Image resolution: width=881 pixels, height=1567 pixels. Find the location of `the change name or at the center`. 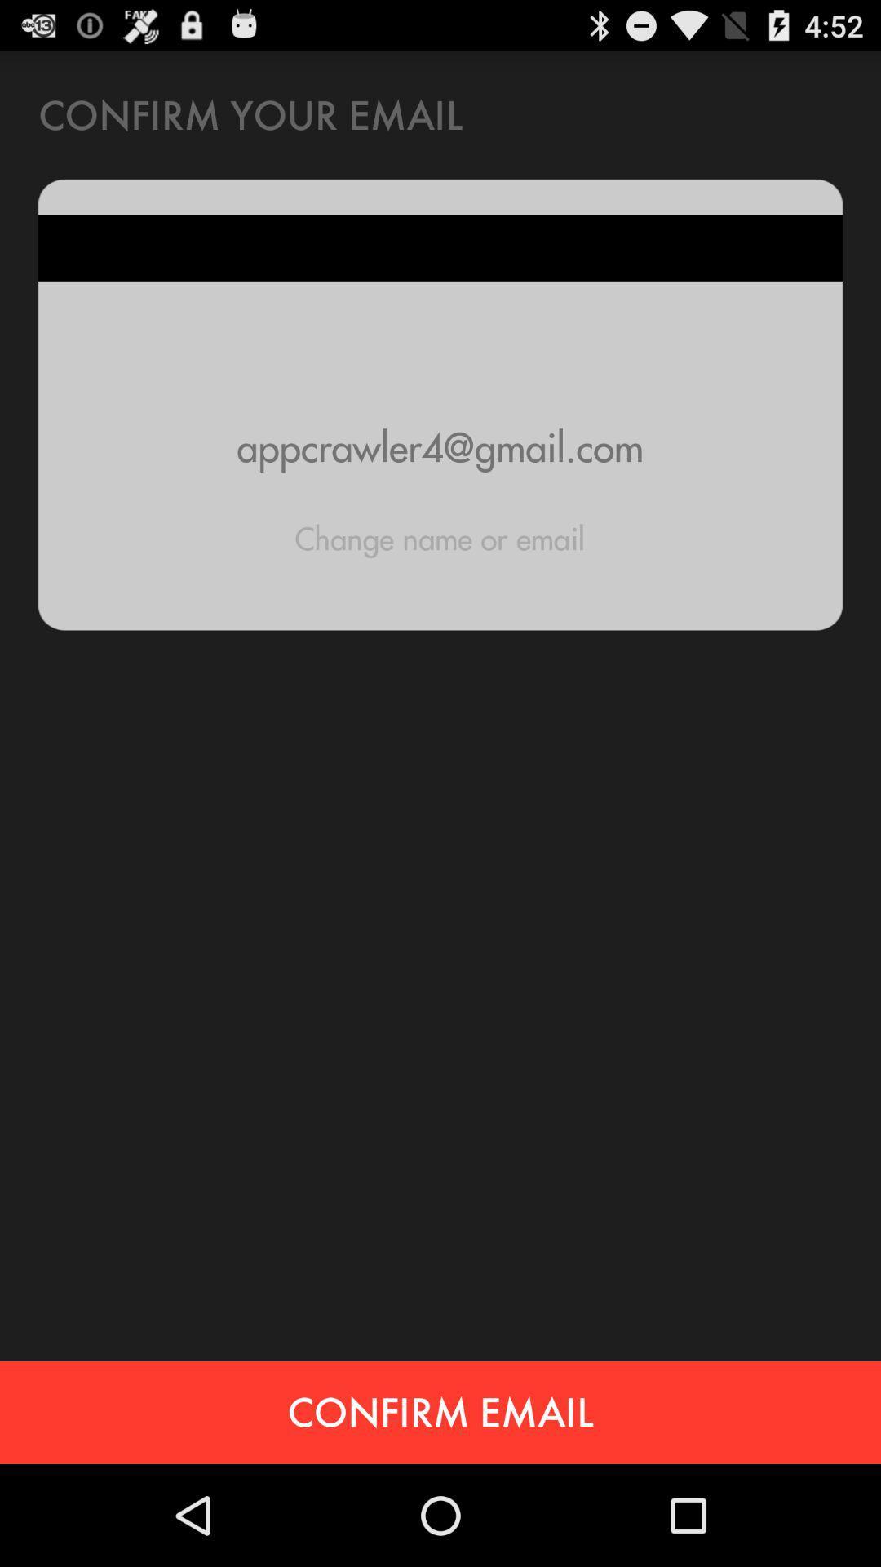

the change name or at the center is located at coordinates (439, 539).